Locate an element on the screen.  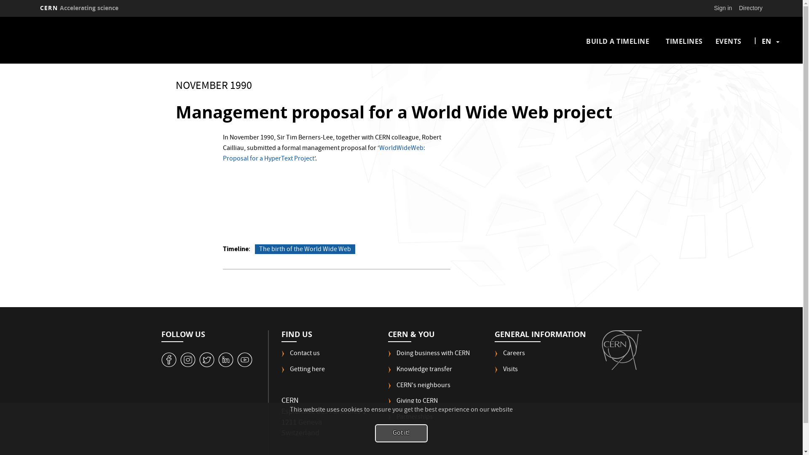
'Doing business with CERN' is located at coordinates (429, 357).